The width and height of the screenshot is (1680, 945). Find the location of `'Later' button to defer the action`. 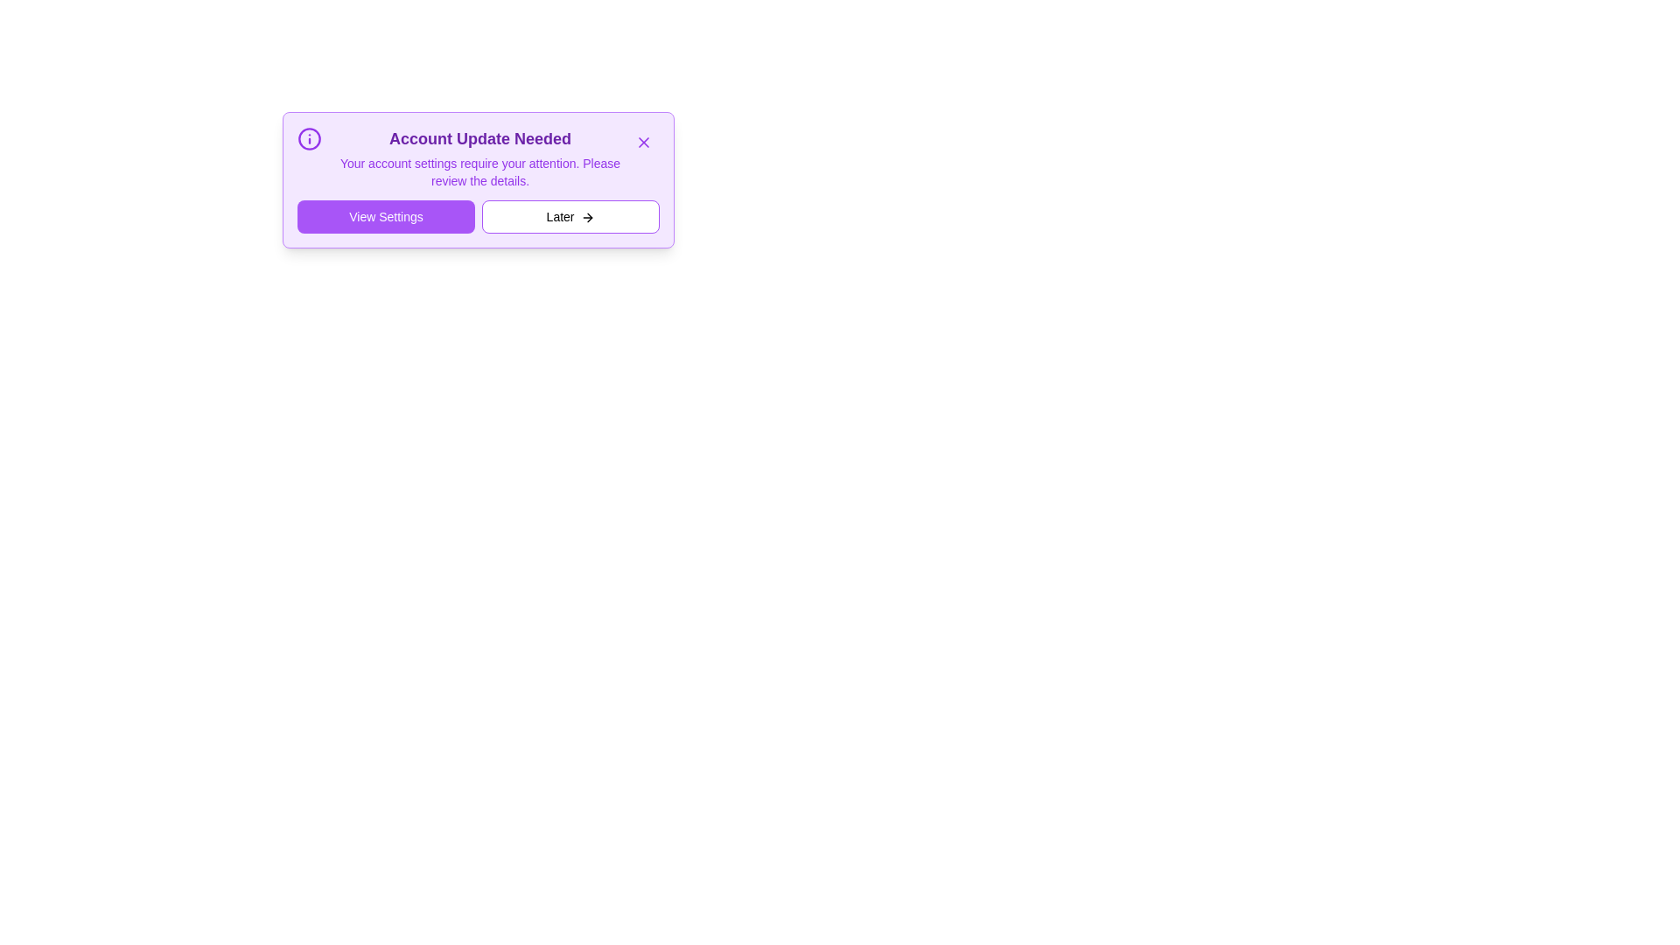

'Later' button to defer the action is located at coordinates (570, 215).